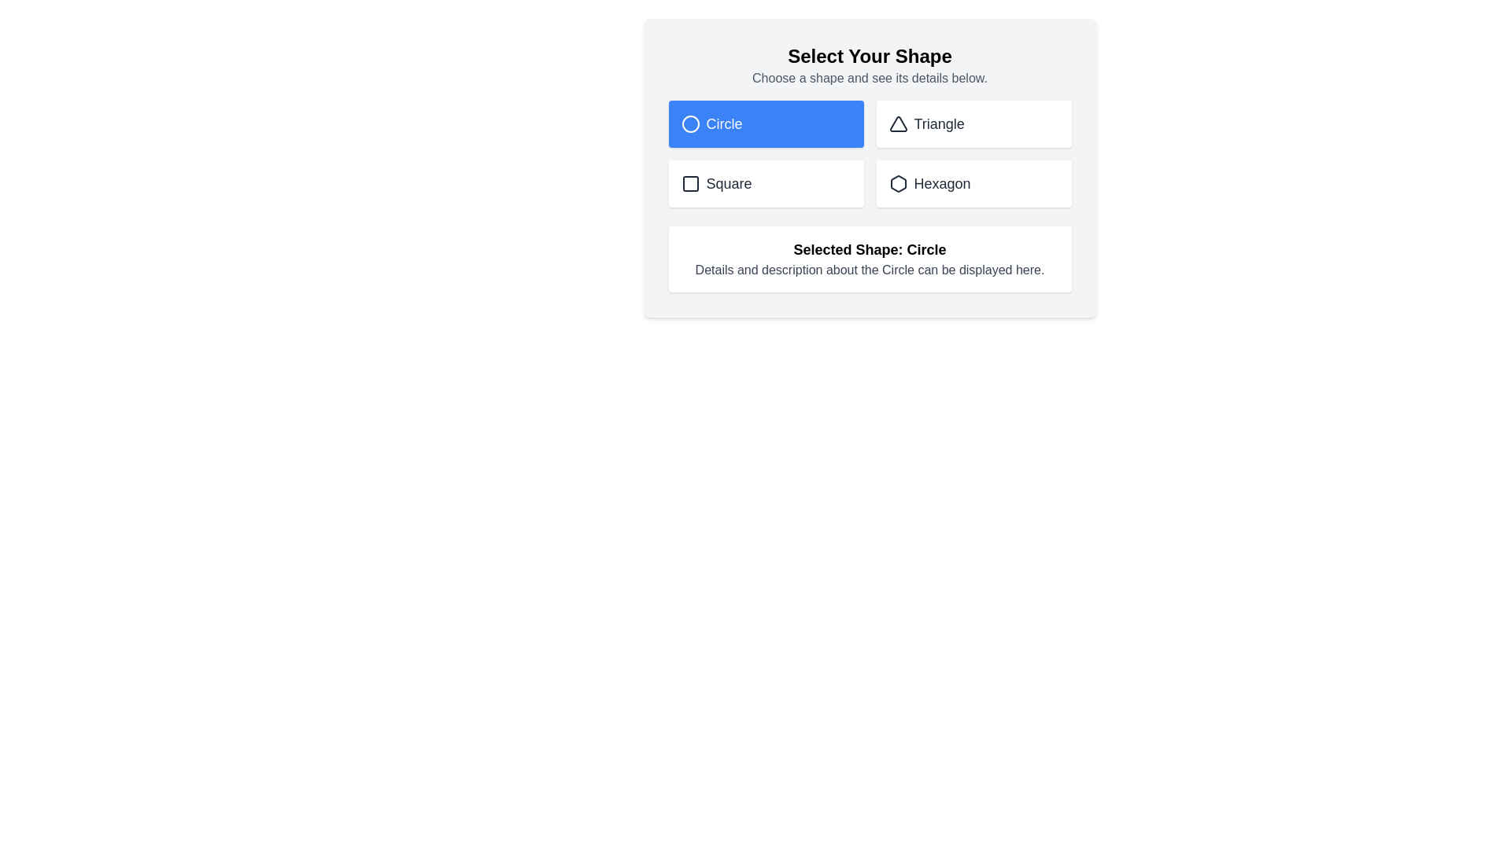 The image size is (1511, 849). What do you see at coordinates (942, 183) in the screenshot?
I see `text from the label displaying 'Hexagon' located within the button-like area at the bottom-right corner of the shape-selection buttons` at bounding box center [942, 183].